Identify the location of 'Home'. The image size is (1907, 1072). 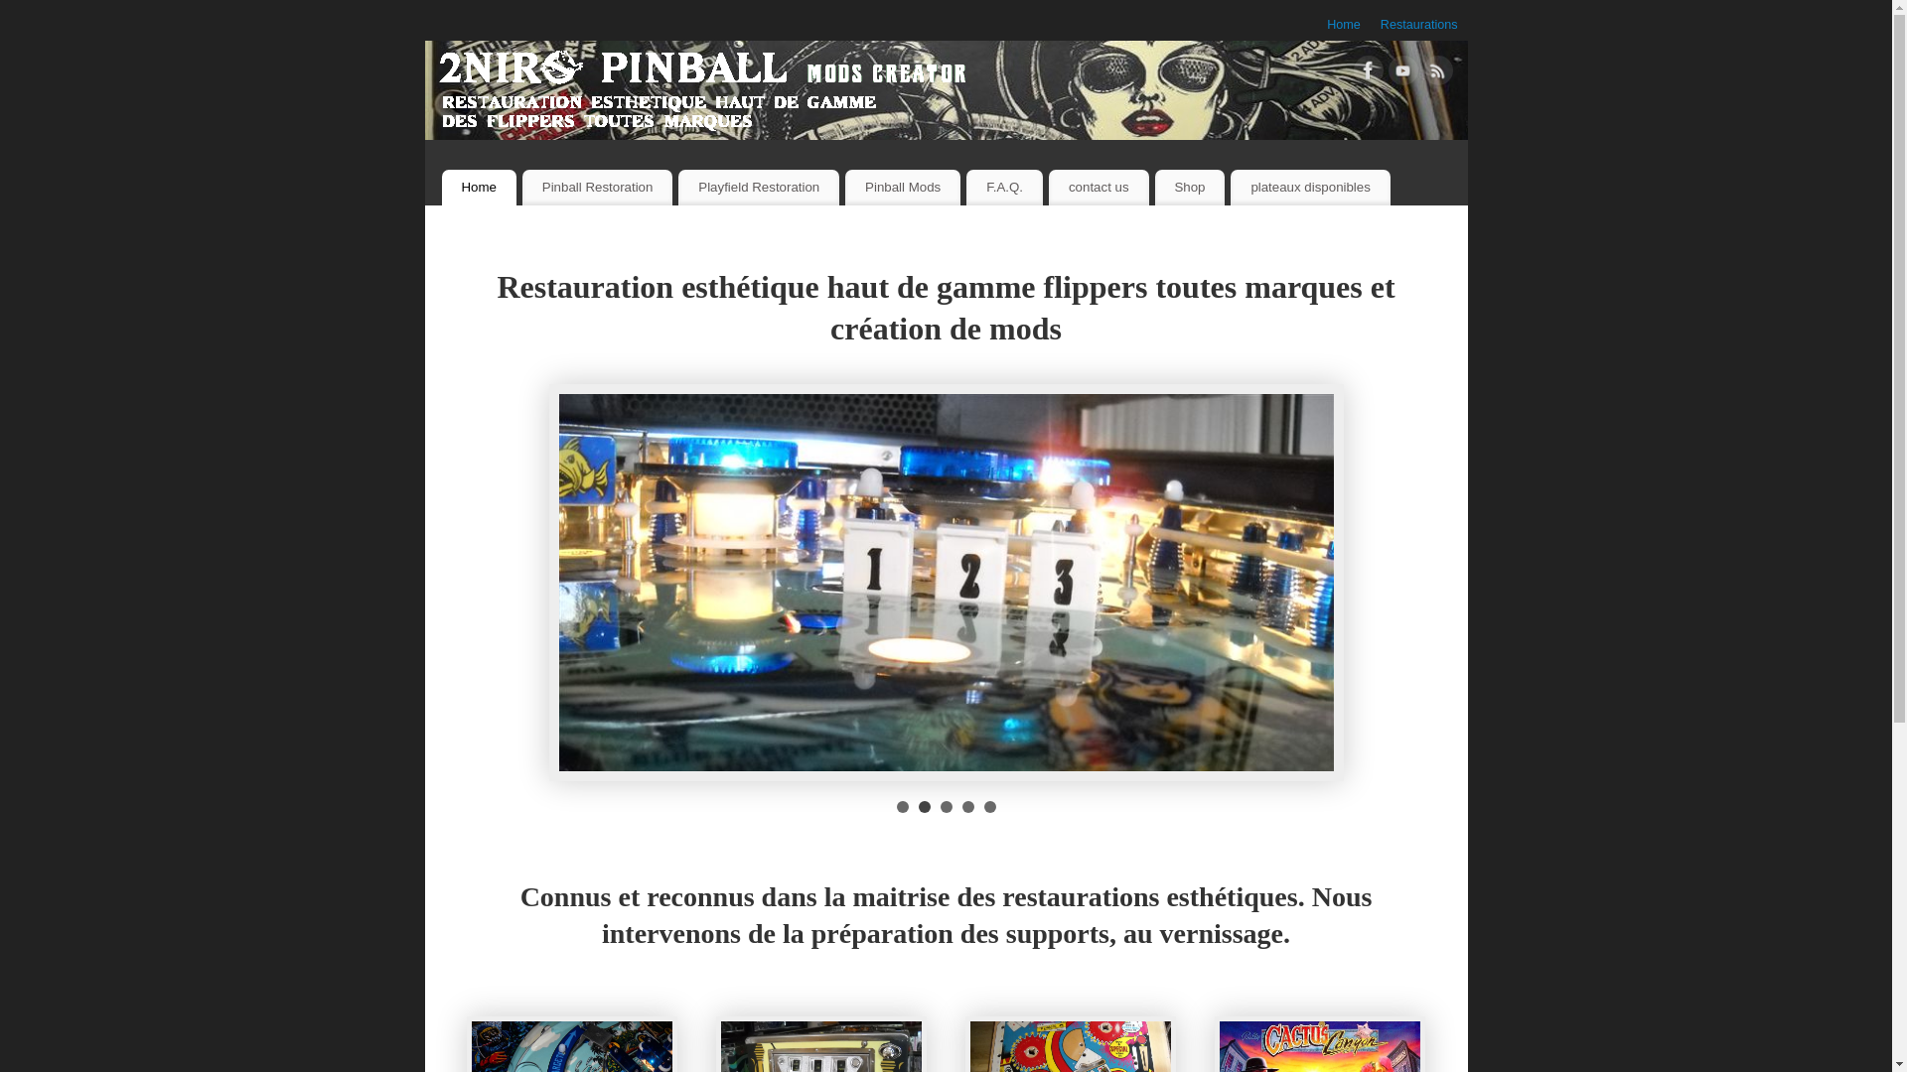
(478, 188).